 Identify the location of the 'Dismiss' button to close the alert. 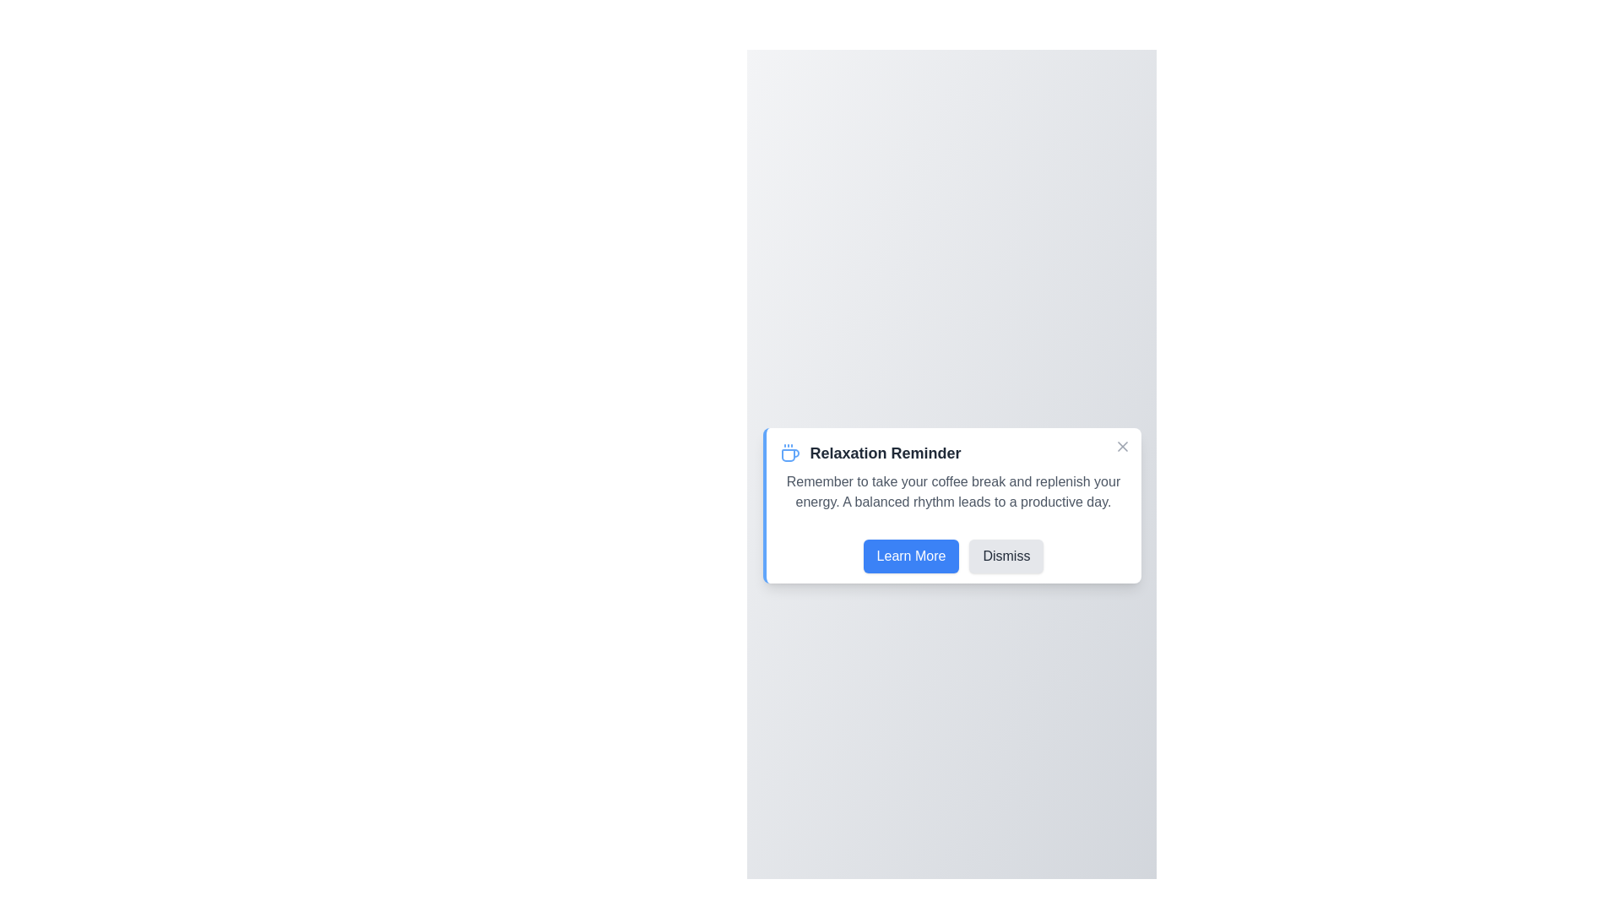
(1006, 556).